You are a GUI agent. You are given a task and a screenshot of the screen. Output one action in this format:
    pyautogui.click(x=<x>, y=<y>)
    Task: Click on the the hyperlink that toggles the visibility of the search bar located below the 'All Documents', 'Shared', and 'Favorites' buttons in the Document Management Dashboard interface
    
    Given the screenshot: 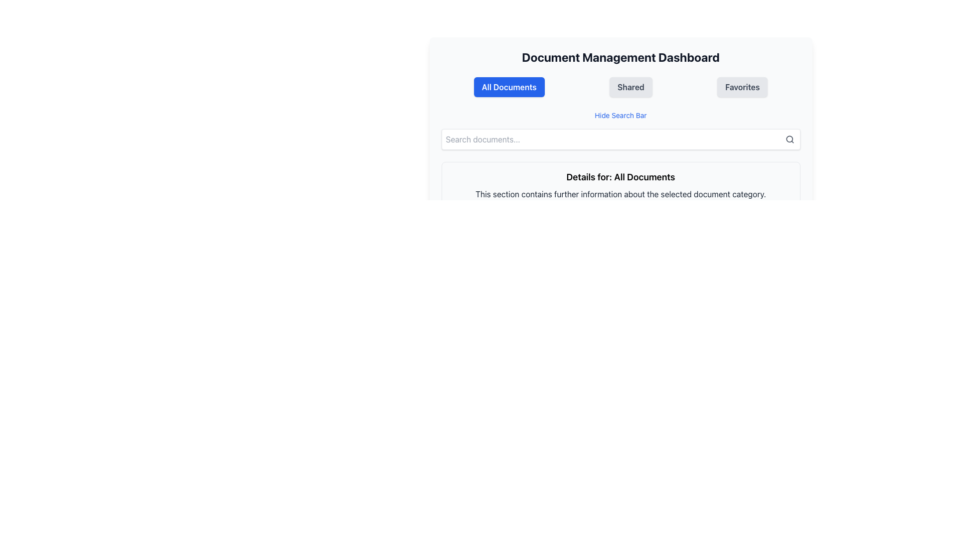 What is the action you would take?
    pyautogui.click(x=620, y=115)
    